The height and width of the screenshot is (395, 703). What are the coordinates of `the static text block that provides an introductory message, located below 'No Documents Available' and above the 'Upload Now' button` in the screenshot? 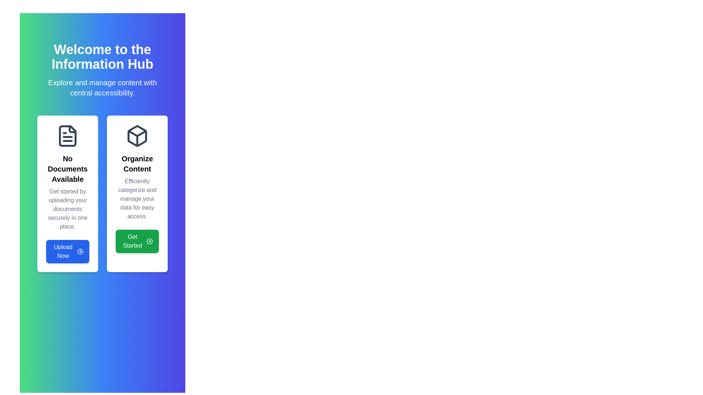 It's located at (68, 209).